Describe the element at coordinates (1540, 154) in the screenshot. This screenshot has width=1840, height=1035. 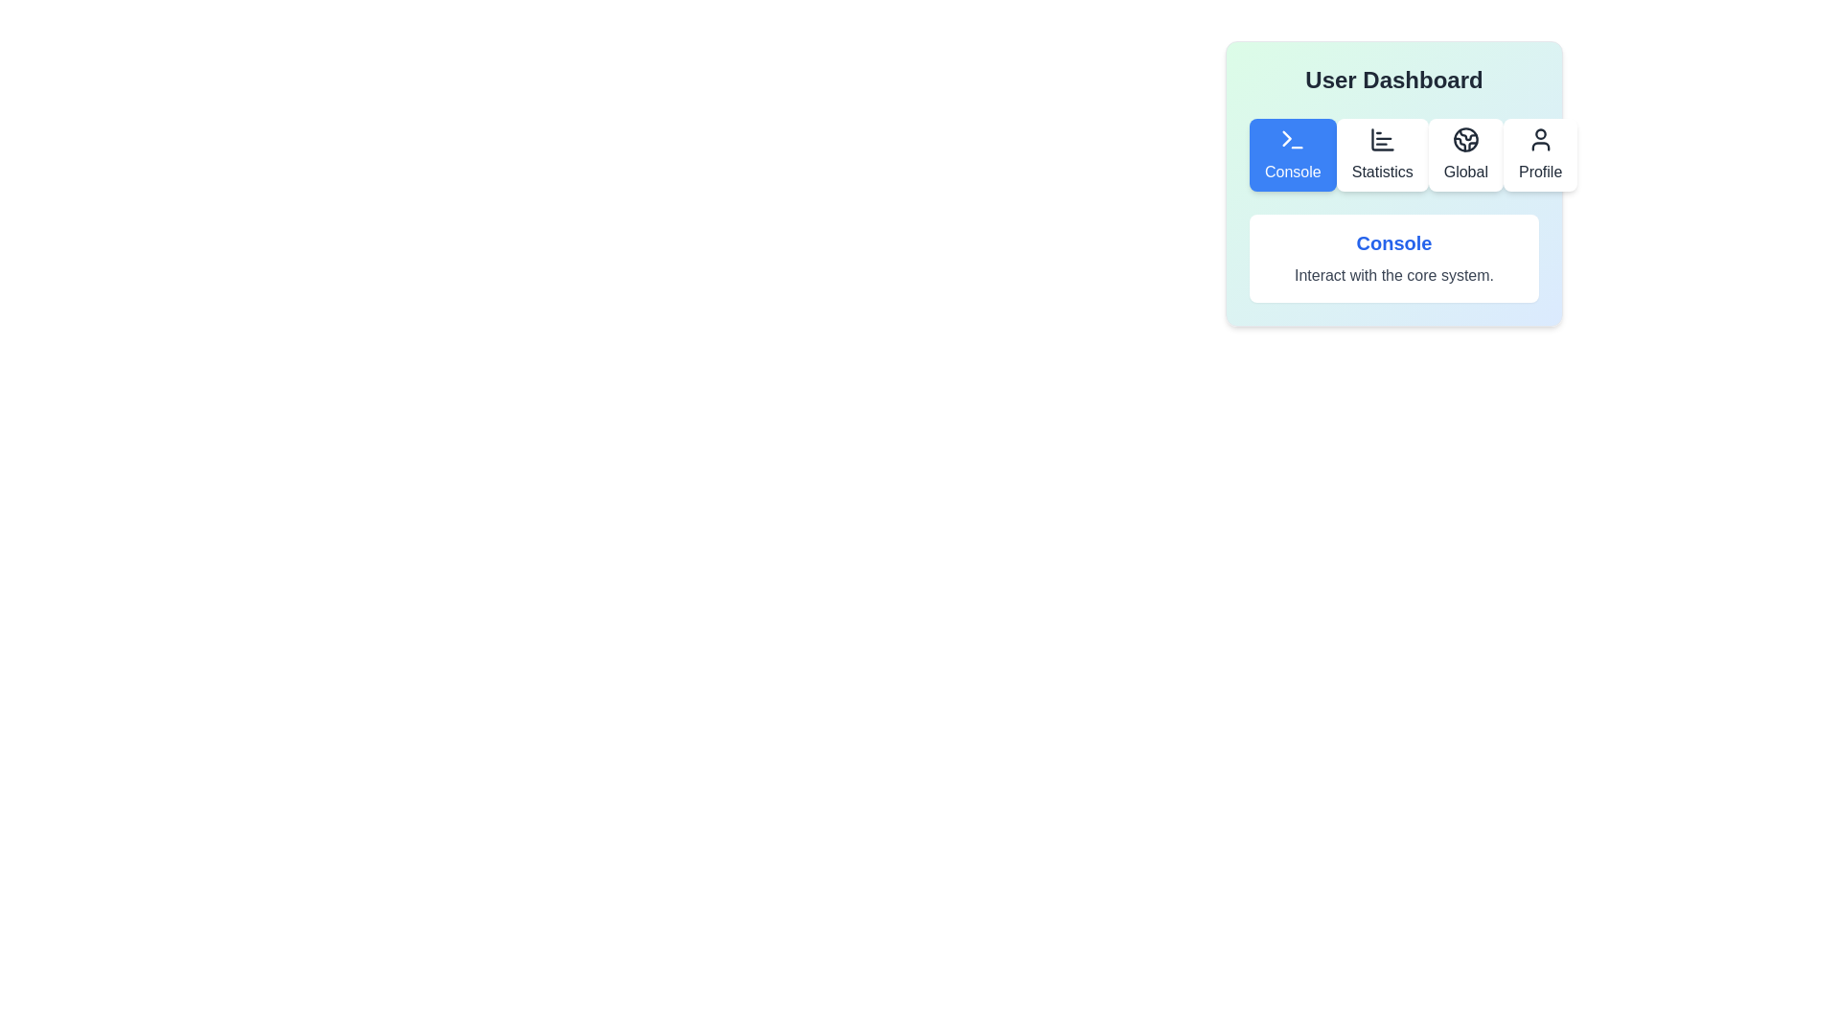
I see `the tab corresponding to Profile` at that location.